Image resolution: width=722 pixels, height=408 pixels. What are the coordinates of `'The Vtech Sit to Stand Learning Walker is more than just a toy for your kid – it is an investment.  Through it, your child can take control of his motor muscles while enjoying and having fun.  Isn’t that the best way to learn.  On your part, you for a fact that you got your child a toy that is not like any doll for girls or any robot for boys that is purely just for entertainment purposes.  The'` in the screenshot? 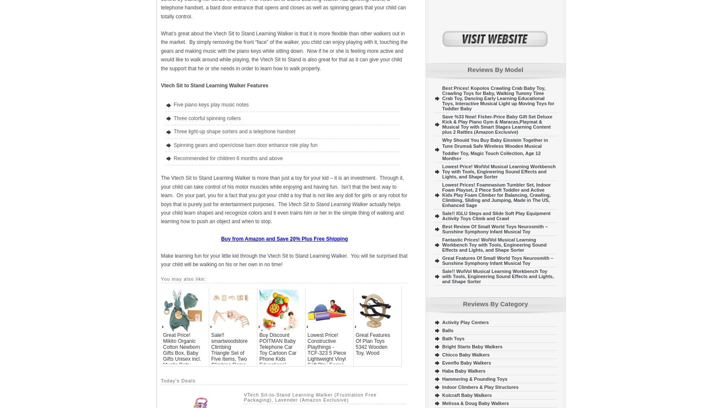 It's located at (284, 191).